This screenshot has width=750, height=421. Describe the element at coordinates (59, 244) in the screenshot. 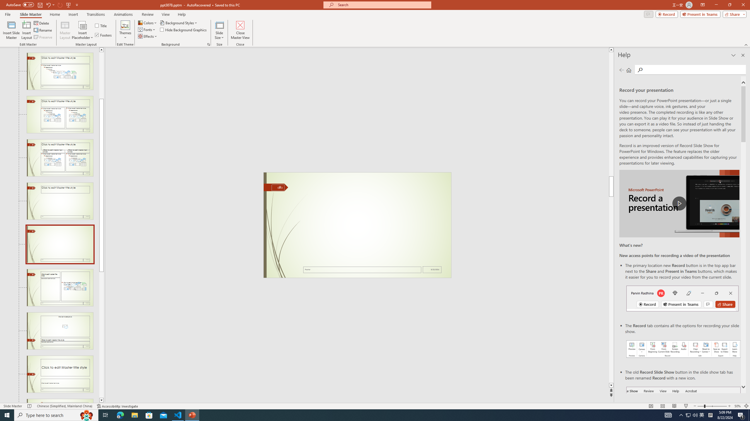

I see `'Slide Blank Layout: used by no slides'` at that location.